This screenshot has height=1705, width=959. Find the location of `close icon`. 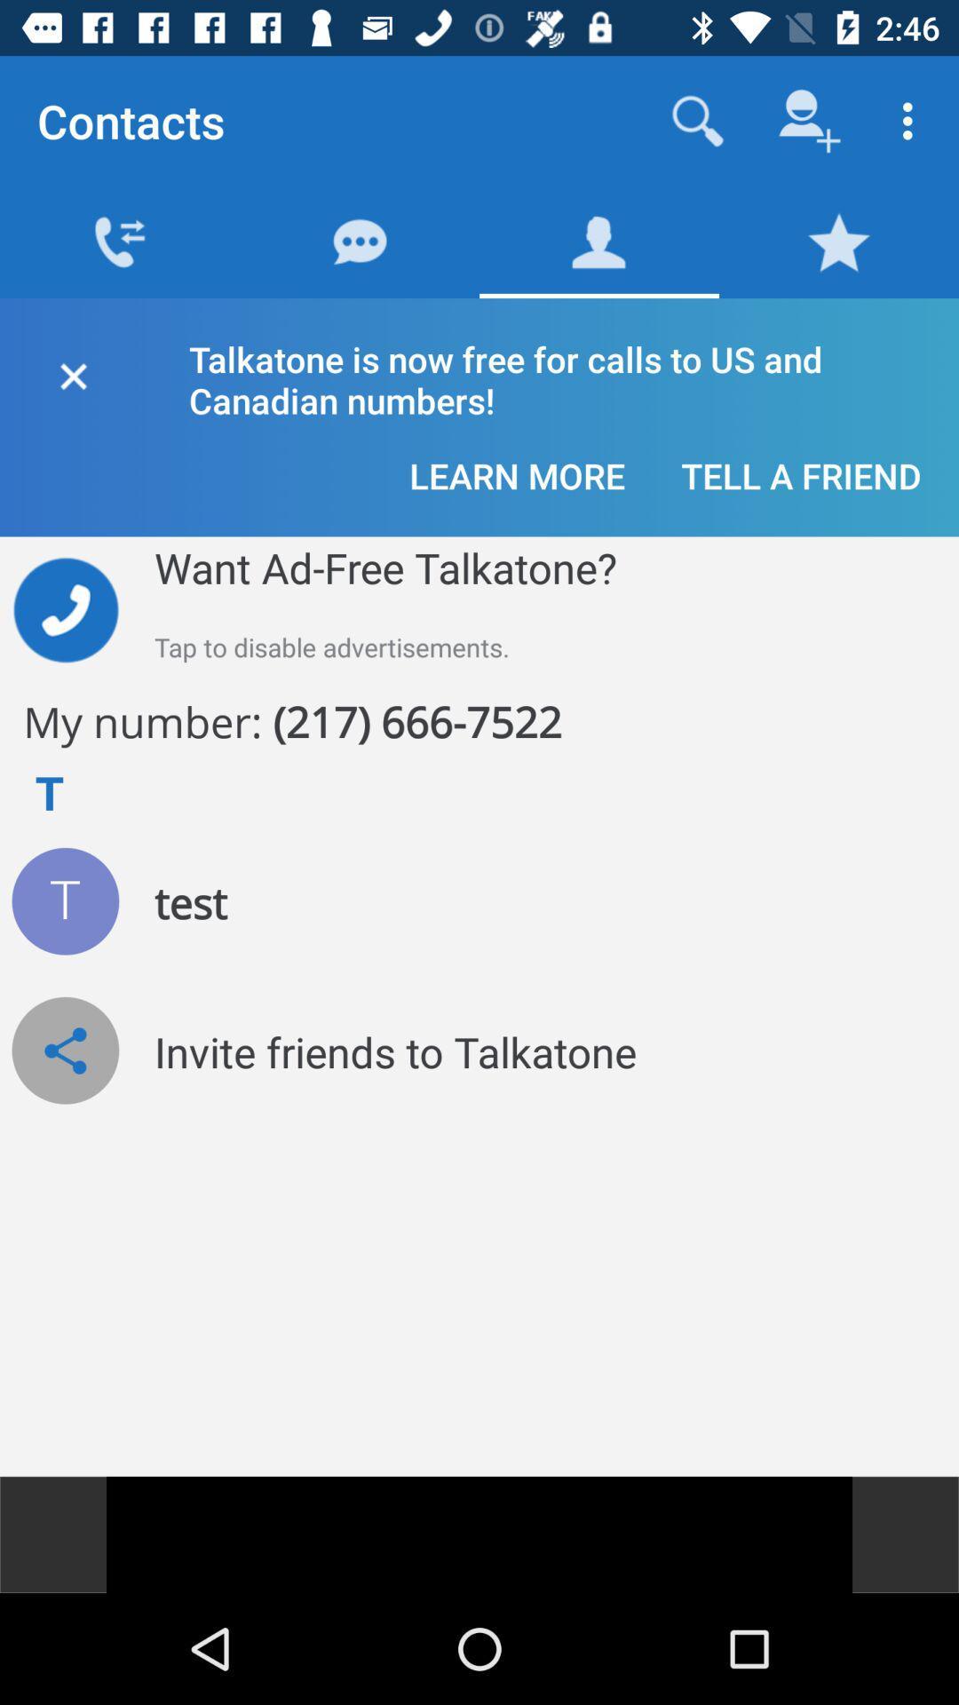

close icon is located at coordinates (72, 372).